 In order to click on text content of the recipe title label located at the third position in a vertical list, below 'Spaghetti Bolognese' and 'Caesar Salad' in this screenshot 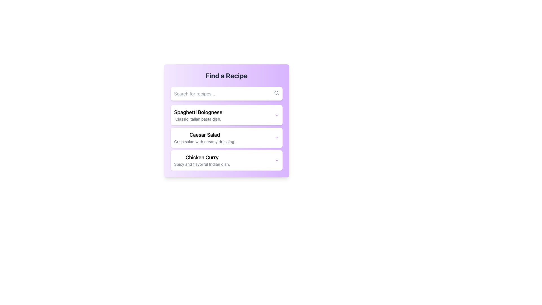, I will do `click(202, 158)`.